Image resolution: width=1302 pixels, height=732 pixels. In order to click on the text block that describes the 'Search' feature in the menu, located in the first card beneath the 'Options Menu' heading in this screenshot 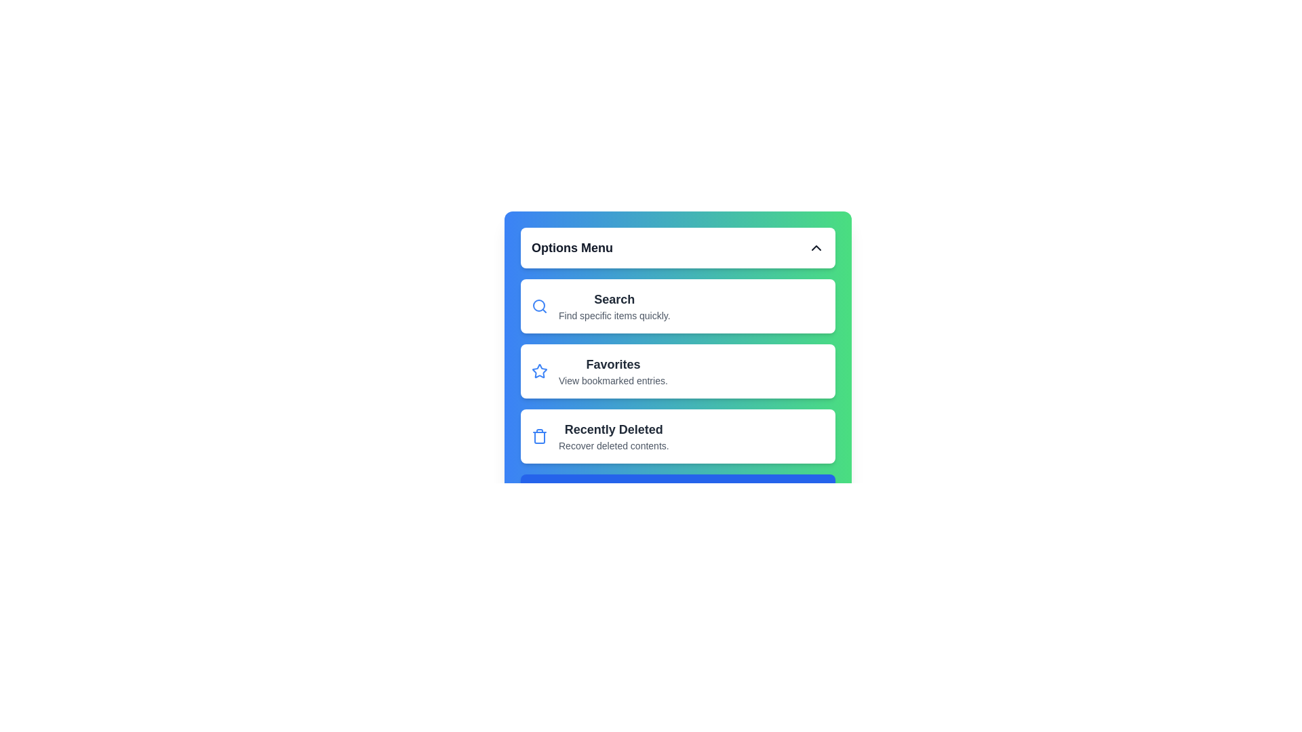, I will do `click(614, 306)`.